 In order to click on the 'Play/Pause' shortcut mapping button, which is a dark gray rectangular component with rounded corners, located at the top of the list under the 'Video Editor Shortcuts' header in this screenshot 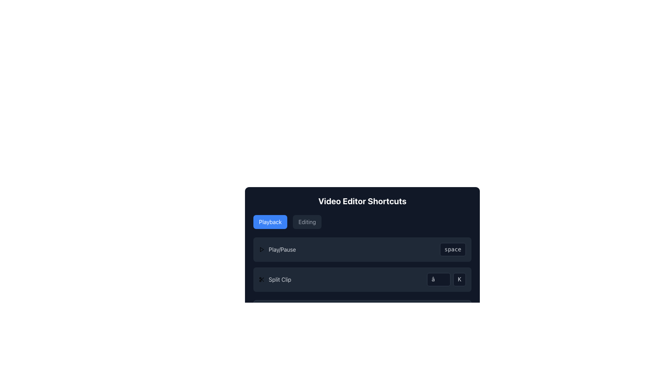, I will do `click(362, 249)`.